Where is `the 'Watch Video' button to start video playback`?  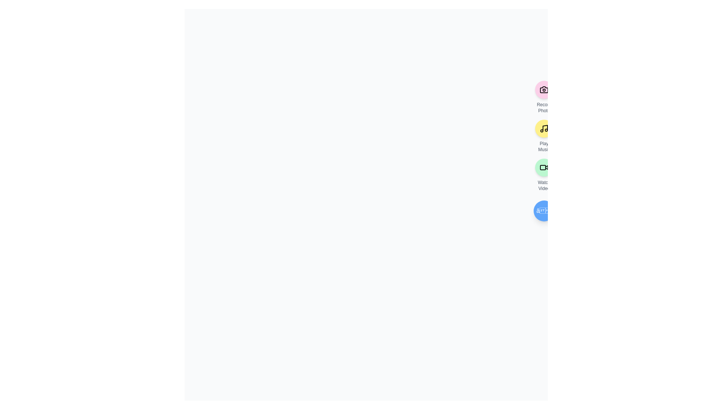 the 'Watch Video' button to start video playback is located at coordinates (544, 167).